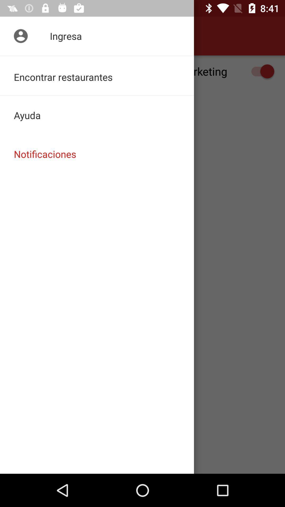 The height and width of the screenshot is (507, 285). Describe the element at coordinates (19, 36) in the screenshot. I see `the icon next to notificationes icon` at that location.